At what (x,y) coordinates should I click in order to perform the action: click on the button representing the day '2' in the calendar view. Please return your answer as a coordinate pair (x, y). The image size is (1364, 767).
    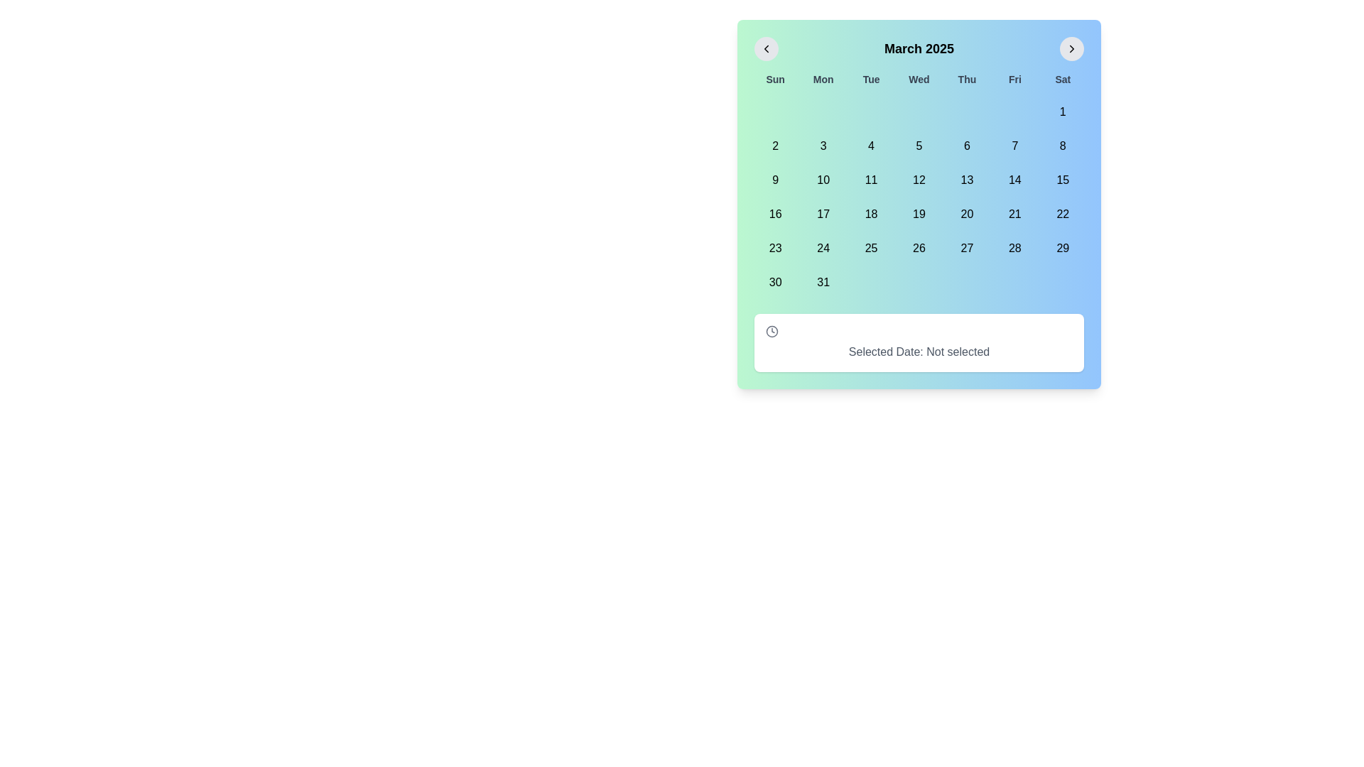
    Looking at the image, I should click on (774, 146).